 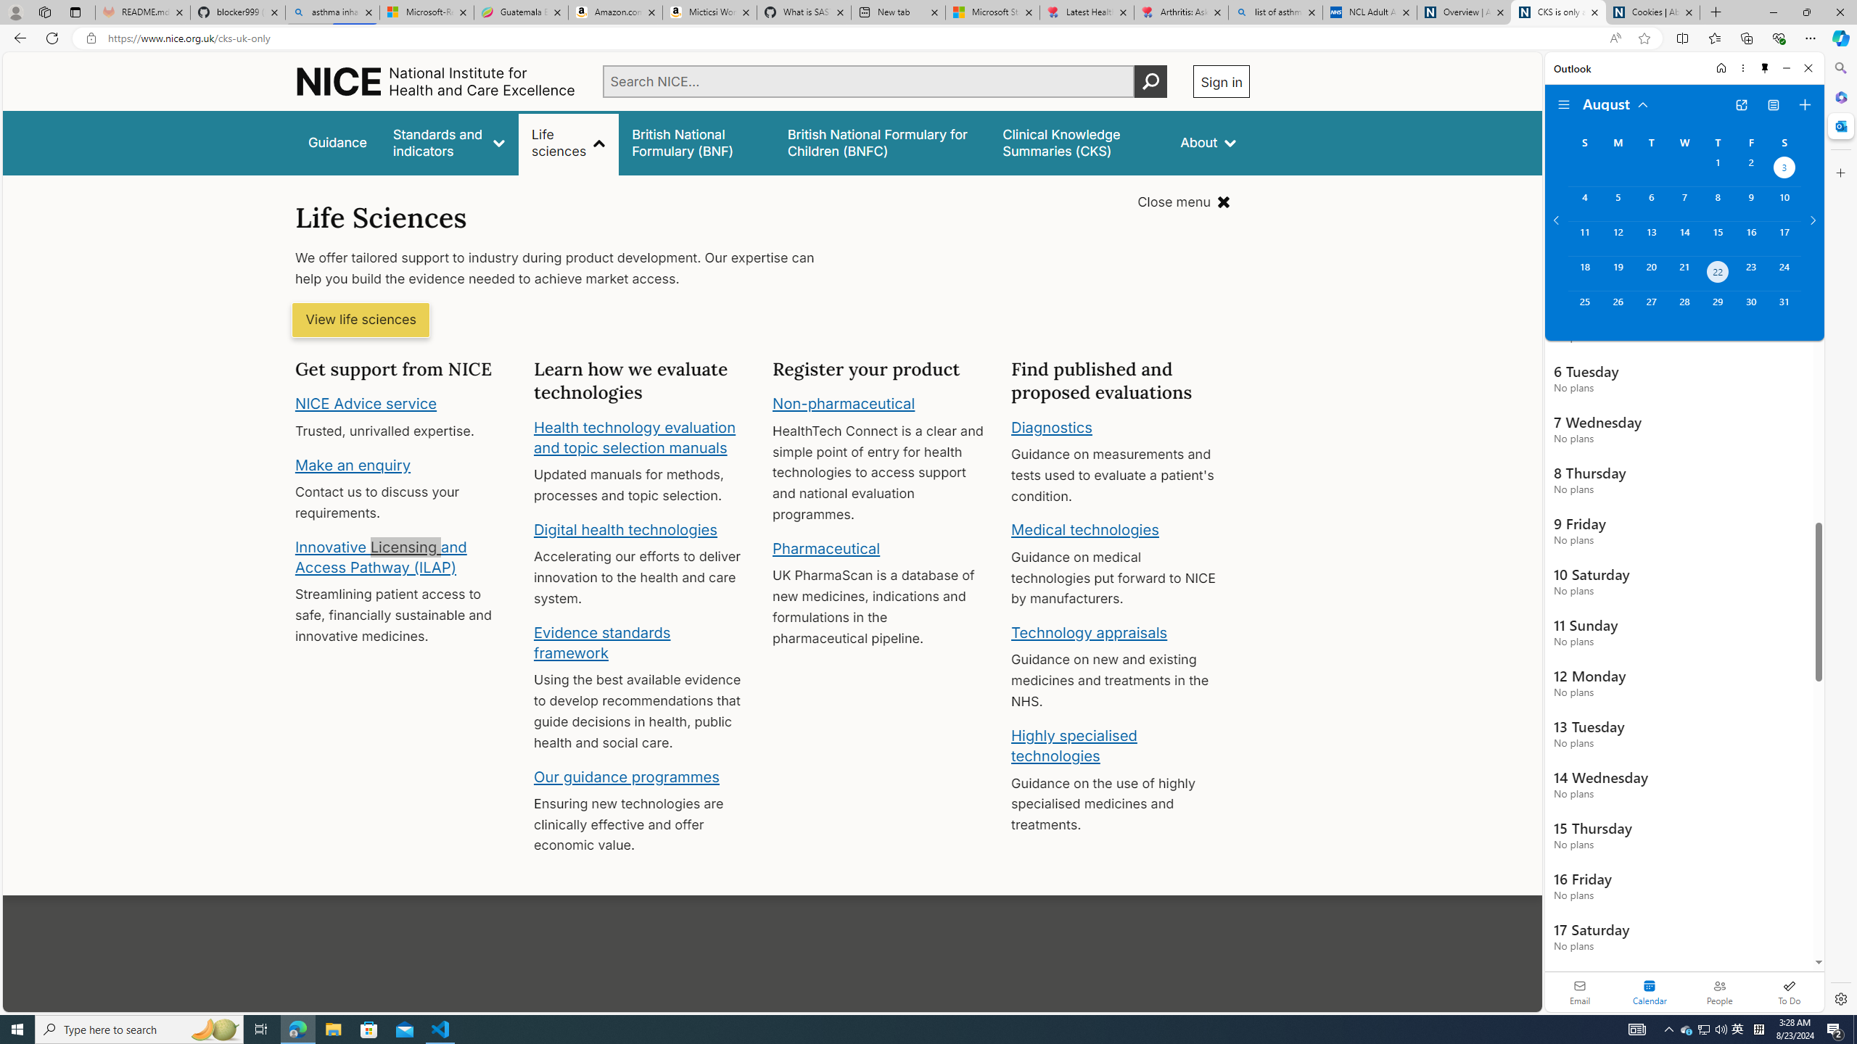 What do you see at coordinates (1584, 273) in the screenshot?
I see `'Sunday, August 18, 2024. '` at bounding box center [1584, 273].